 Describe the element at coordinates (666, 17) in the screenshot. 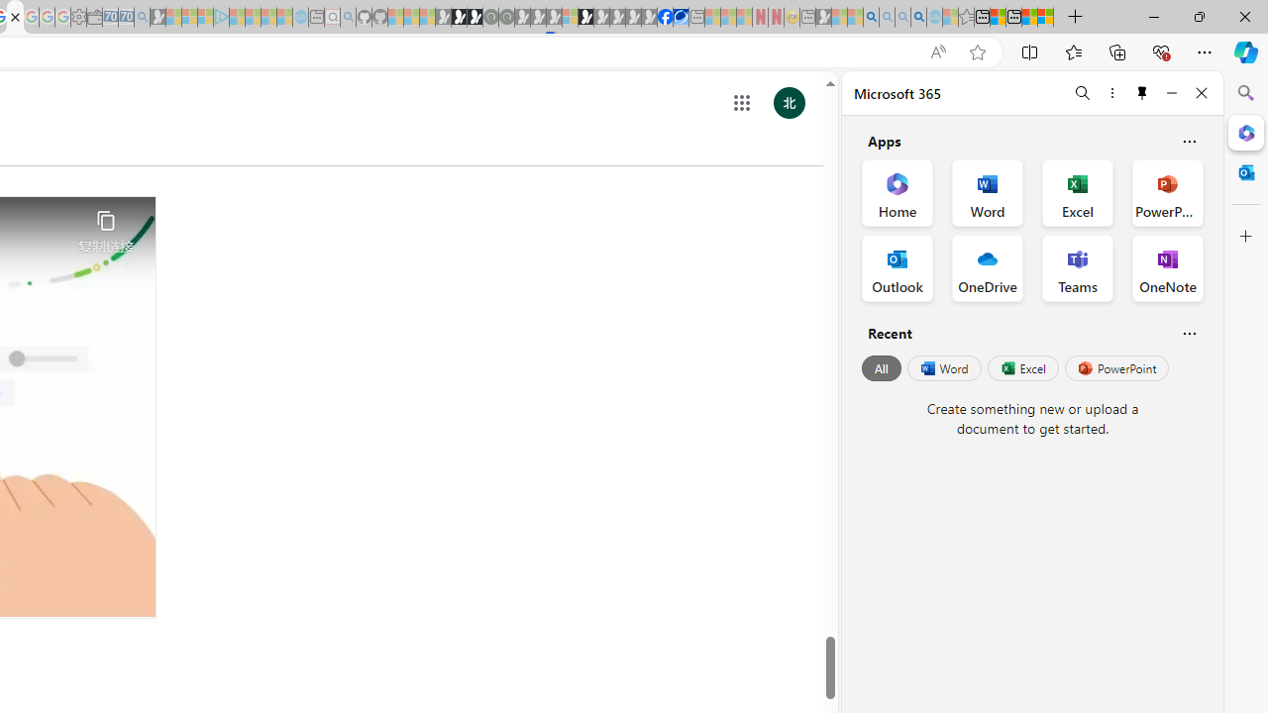

I see `'Nordace | Facebook'` at that location.